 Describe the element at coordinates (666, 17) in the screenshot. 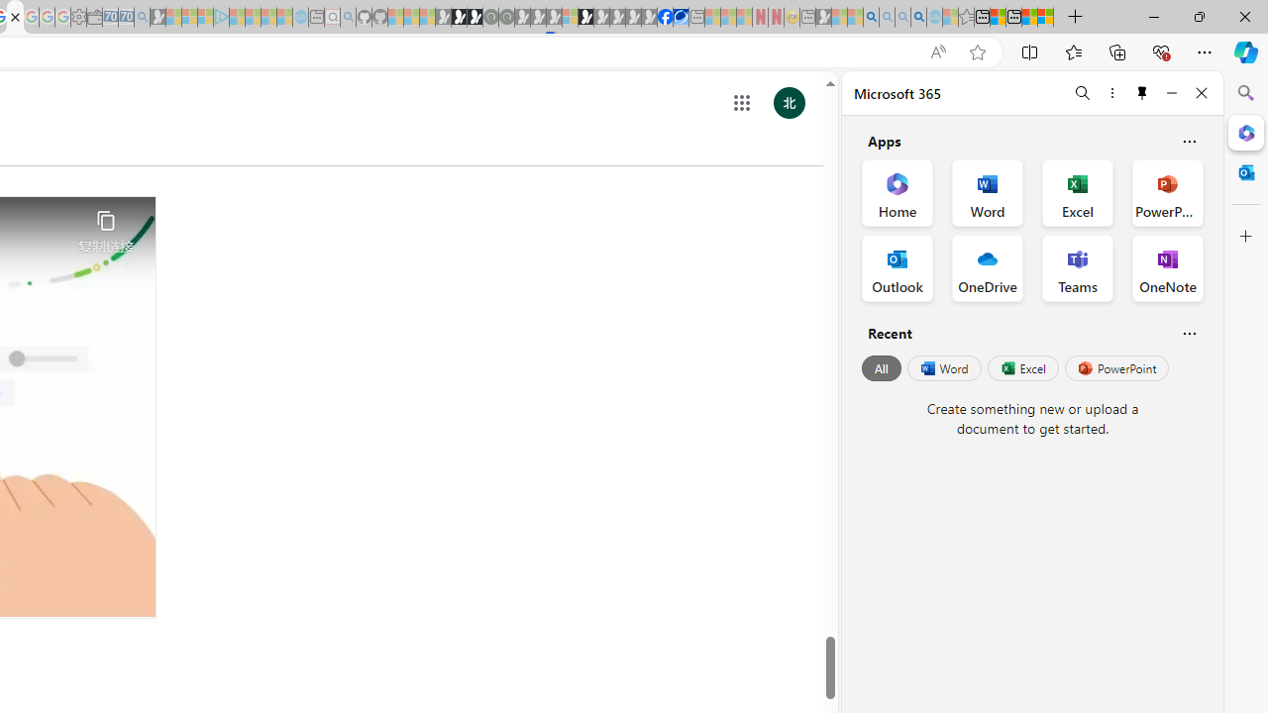

I see `'Nordace | Facebook'` at that location.